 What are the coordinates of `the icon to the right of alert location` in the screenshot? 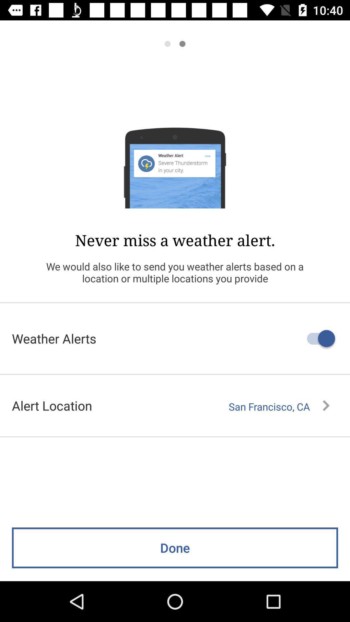 It's located at (279, 406).